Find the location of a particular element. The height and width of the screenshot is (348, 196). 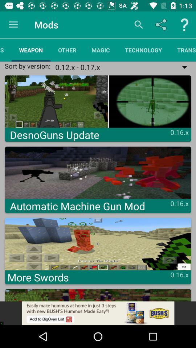

weapon item is located at coordinates (30, 50).